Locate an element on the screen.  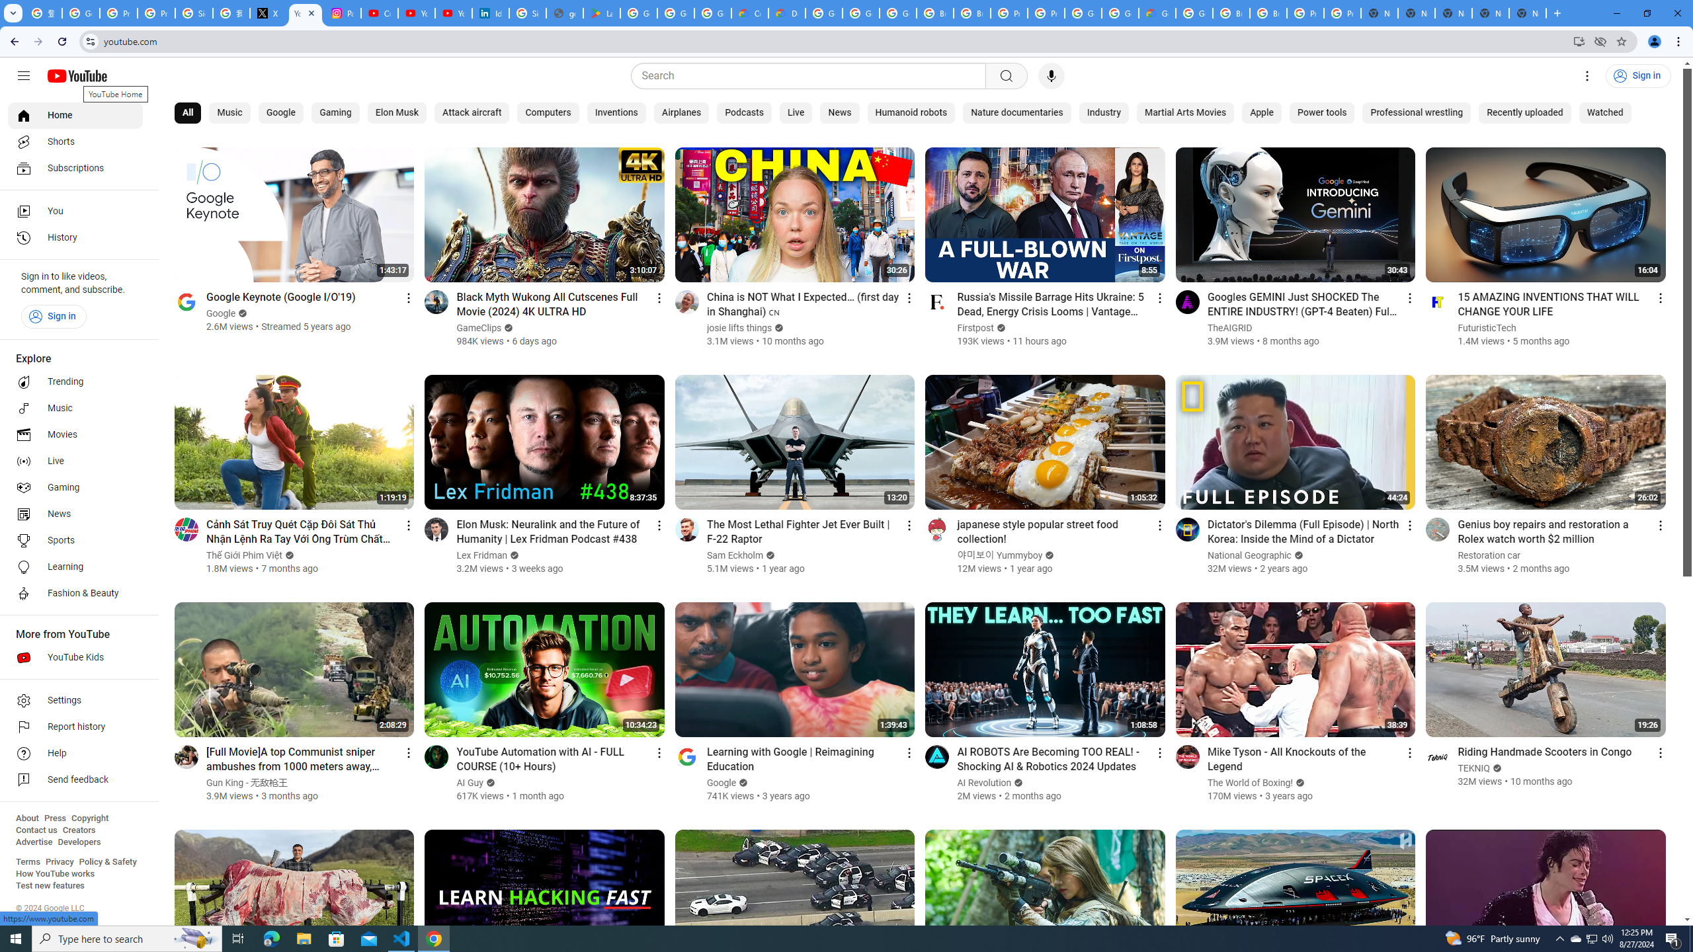
'Airplanes' is located at coordinates (681, 113).